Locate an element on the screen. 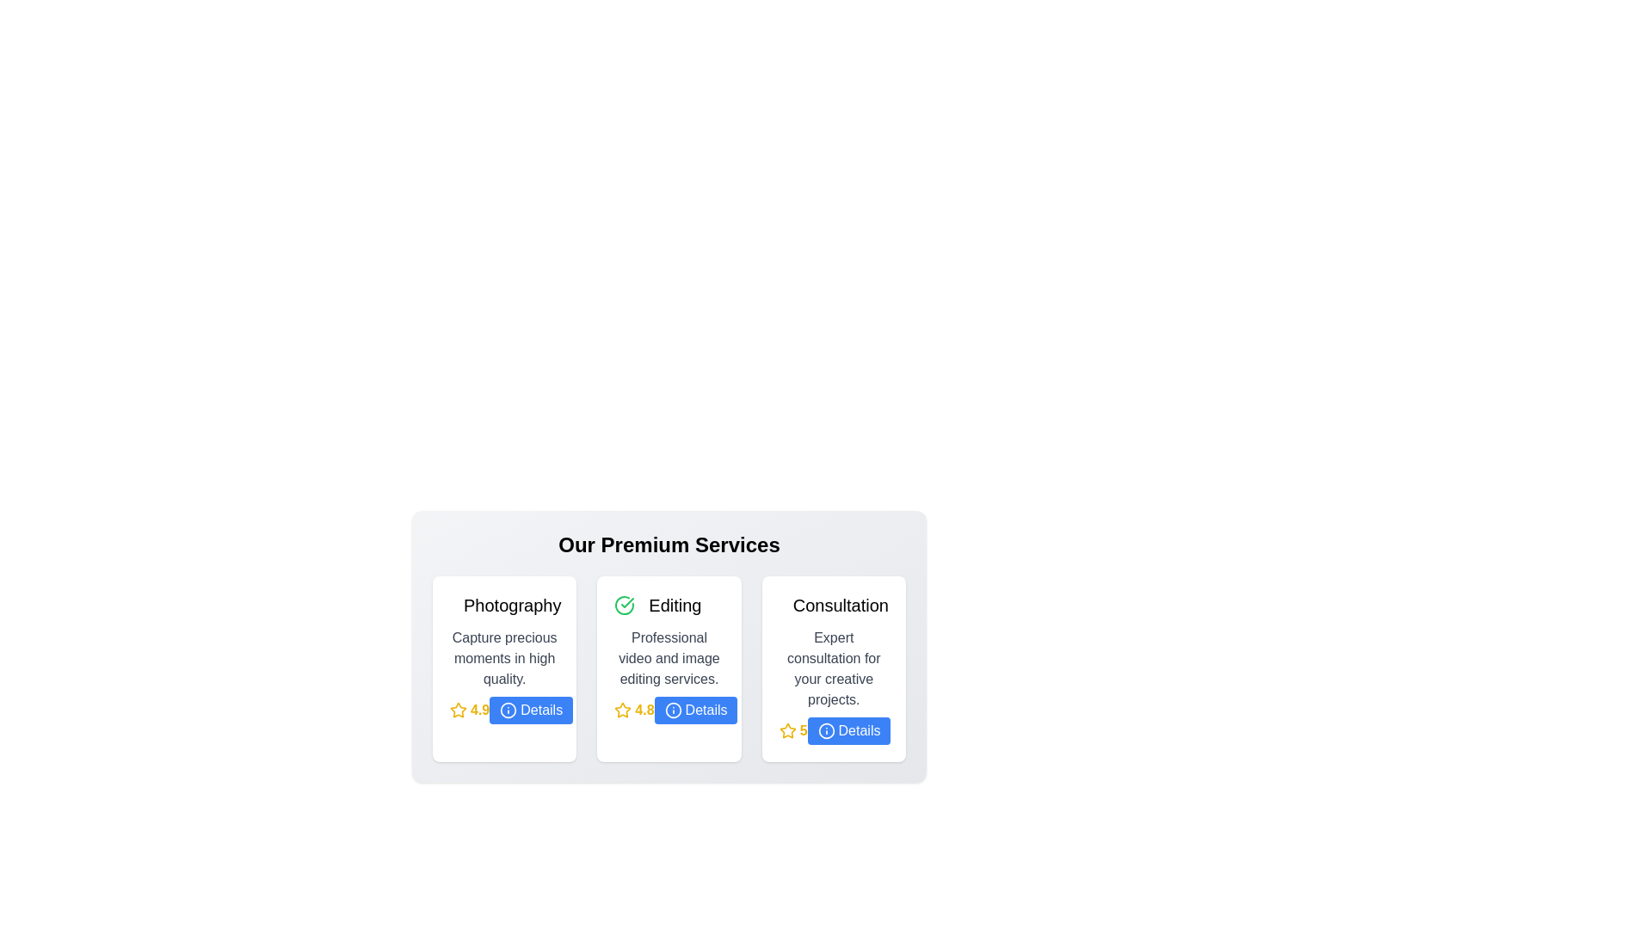 This screenshot has width=1652, height=929. the service card for Consultation to observe the hover effect is located at coordinates (834, 668).